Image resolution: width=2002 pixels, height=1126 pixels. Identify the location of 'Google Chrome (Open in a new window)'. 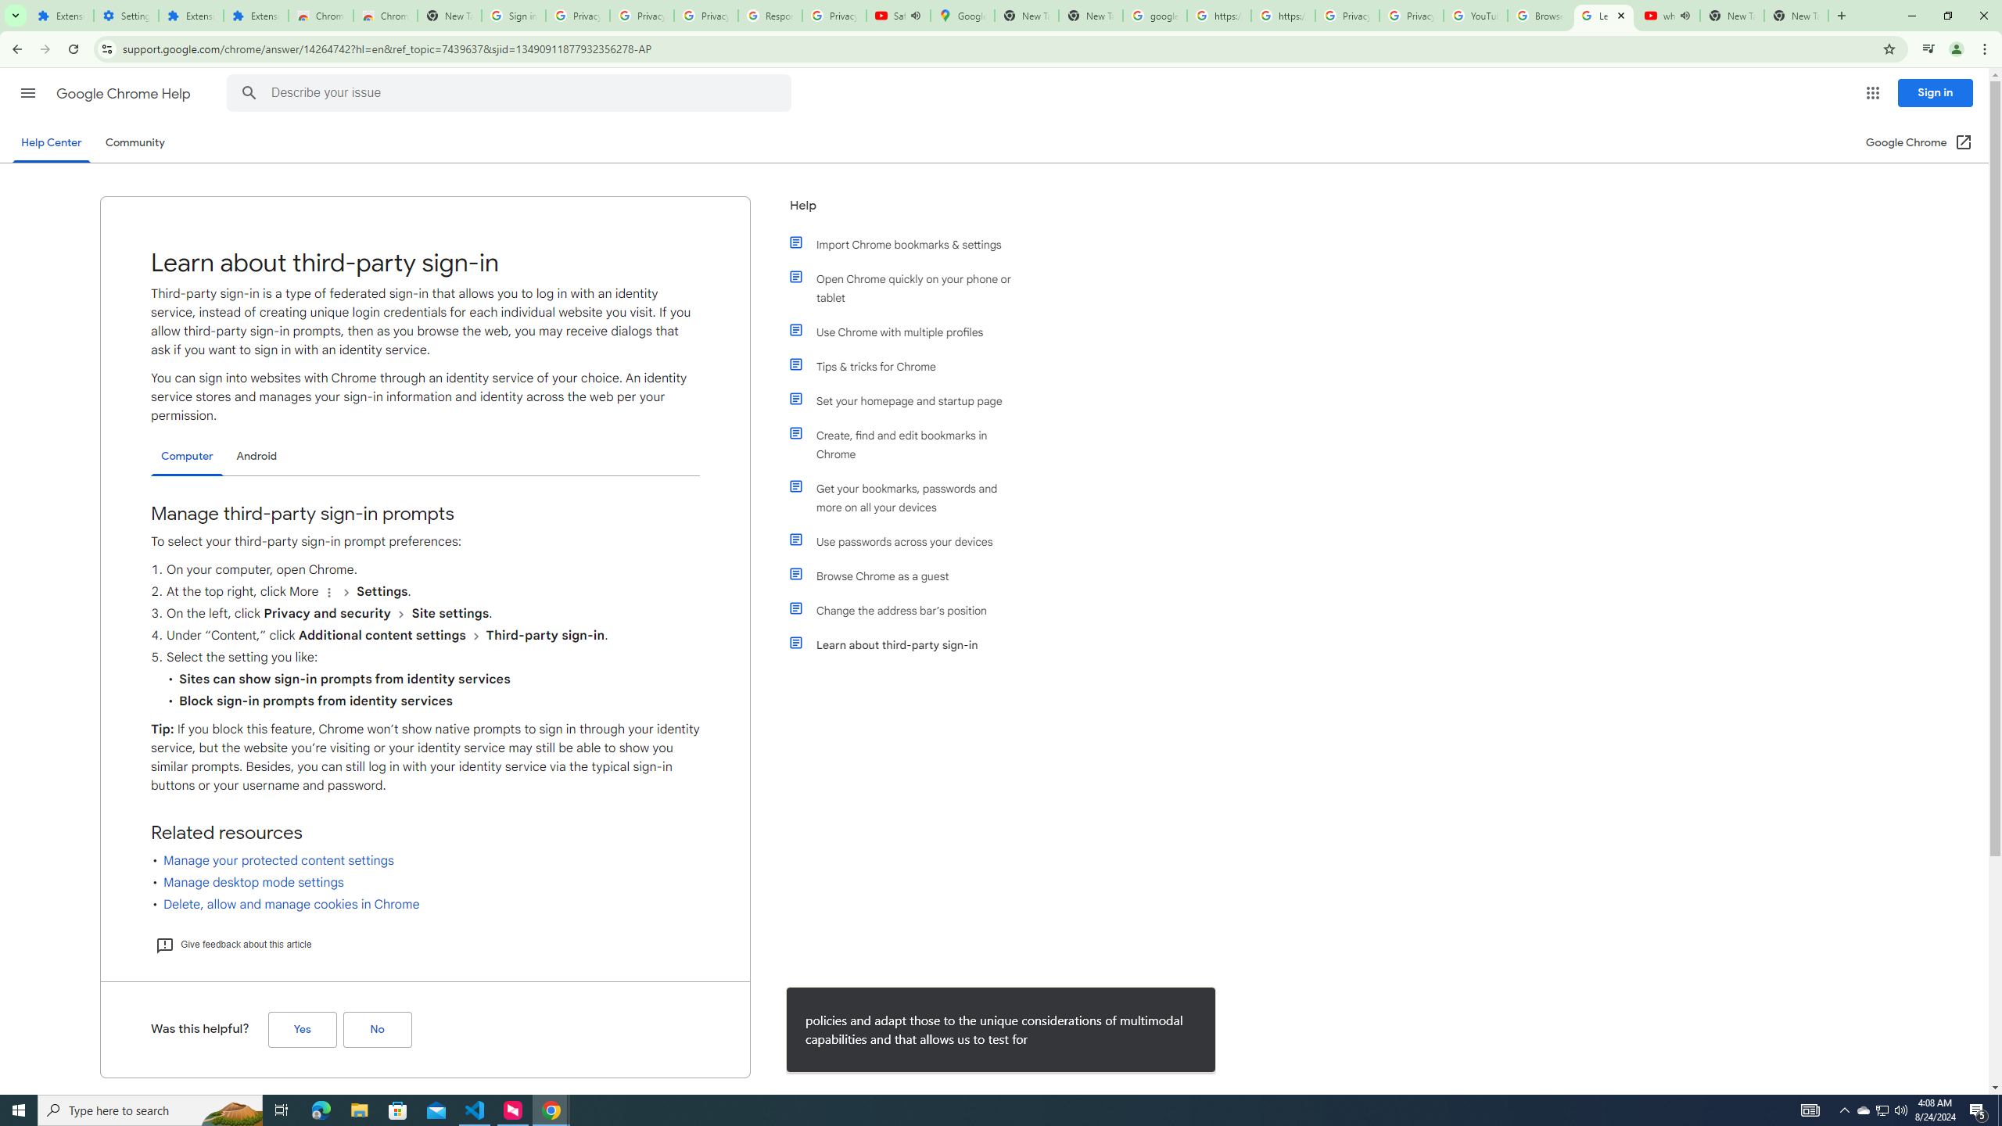
(1919, 142).